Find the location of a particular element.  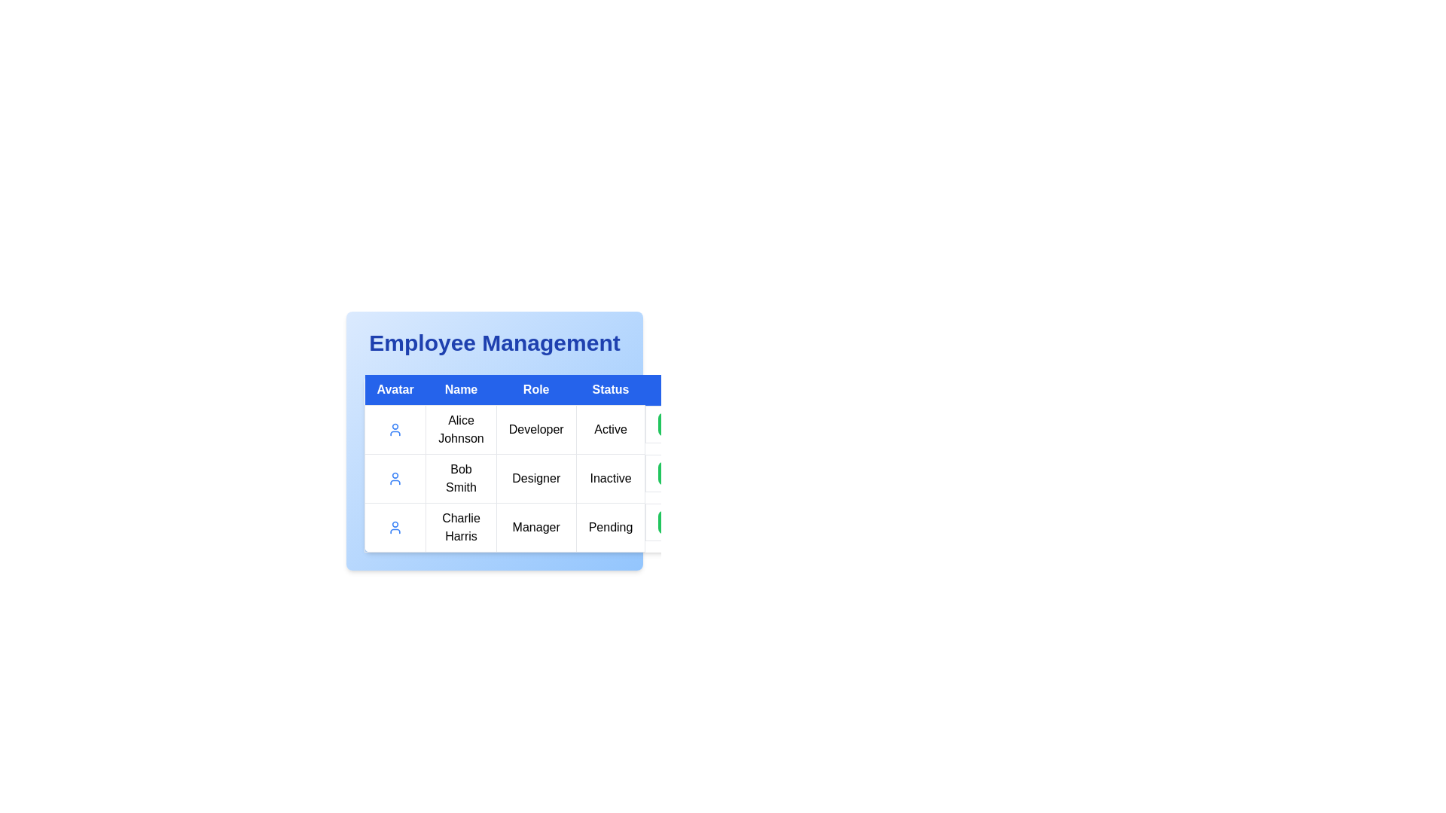

the avatar icon representing user 'Bob Smith' located in the second row, first column of the table under the 'Avatar' column header is located at coordinates (395, 479).